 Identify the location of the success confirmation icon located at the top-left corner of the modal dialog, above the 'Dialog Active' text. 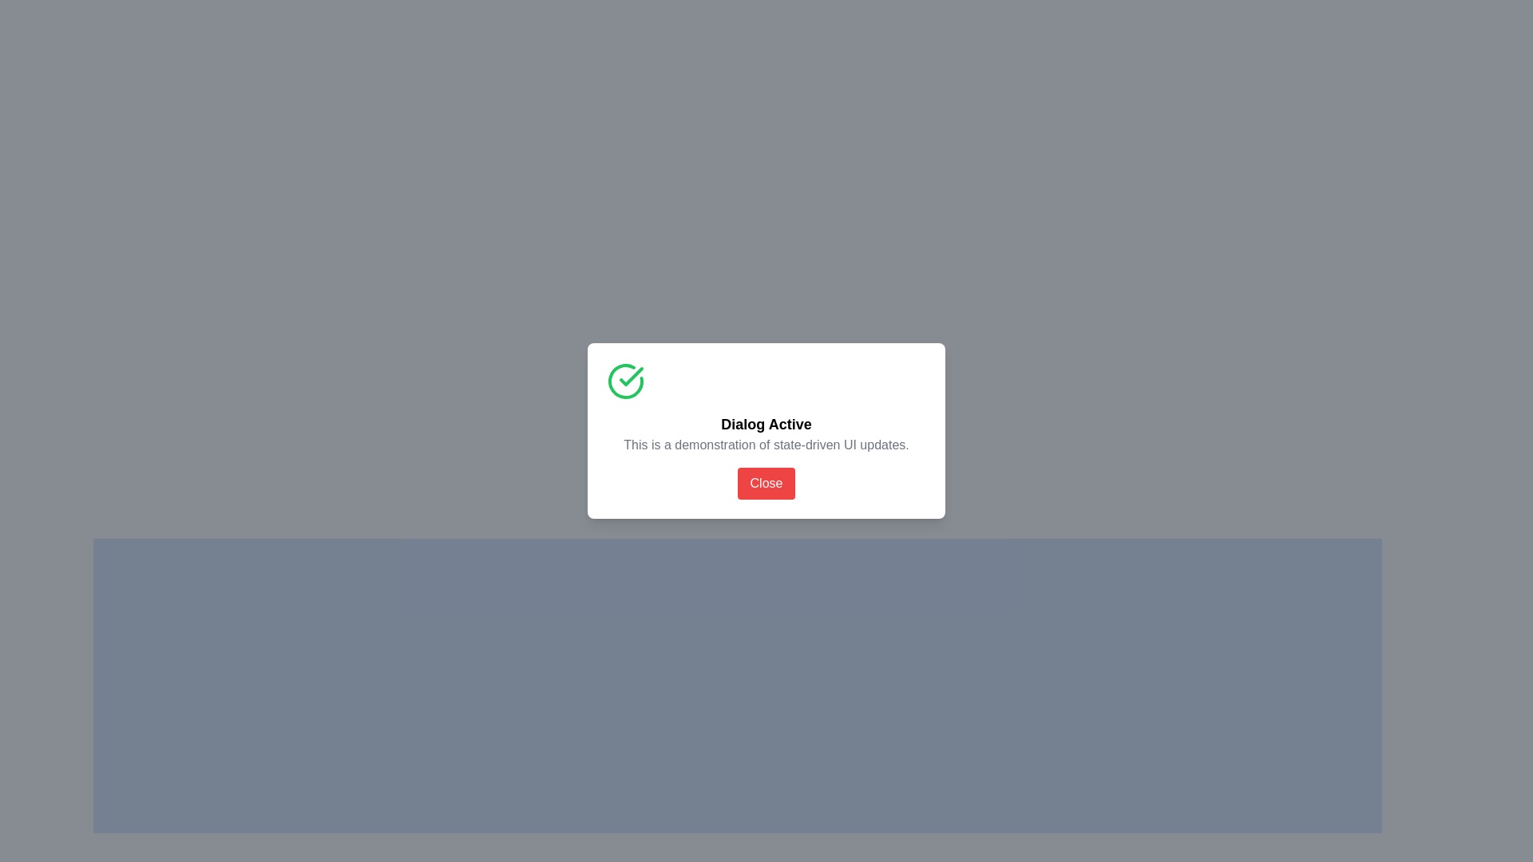
(624, 382).